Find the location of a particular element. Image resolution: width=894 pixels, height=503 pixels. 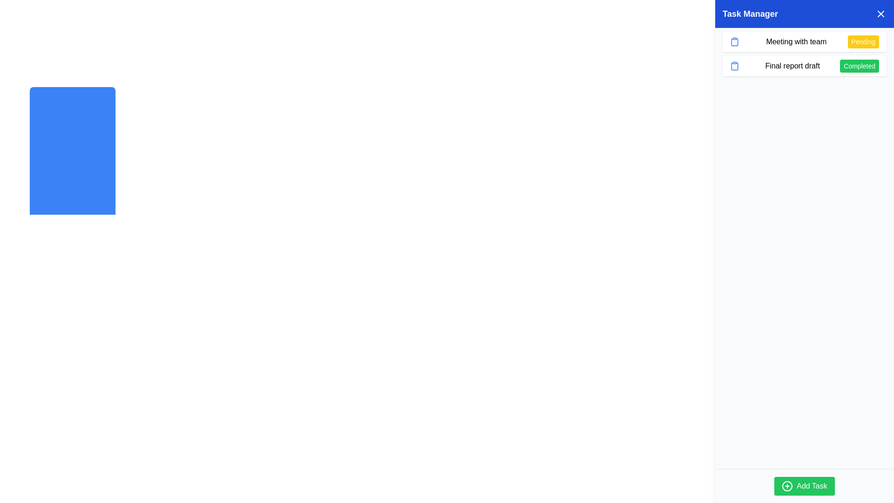

the text label representing the title or subject of a task, located at the top of the first task's details in the Task Manager section is located at coordinates (796, 41).